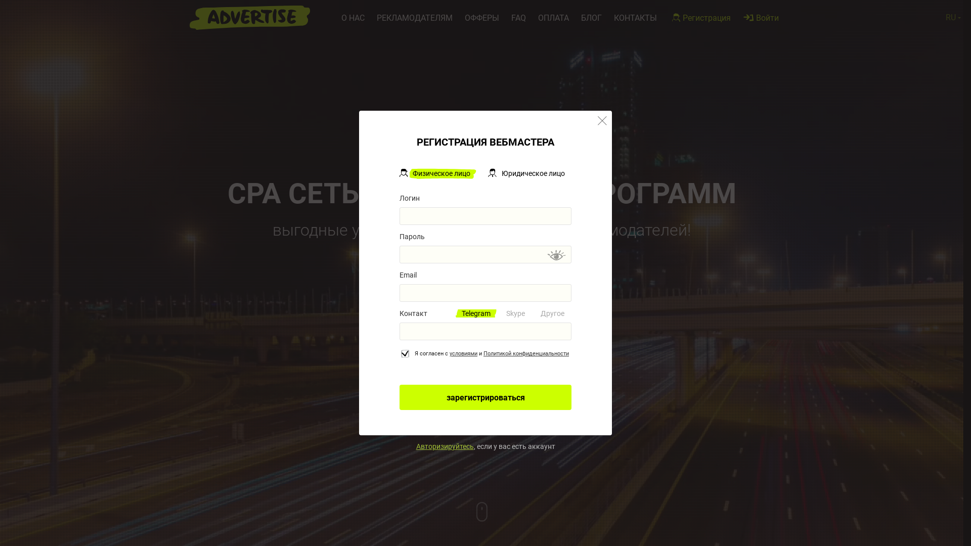 The height and width of the screenshot is (546, 971). Describe the element at coordinates (511, 18) in the screenshot. I see `'FAQ'` at that location.